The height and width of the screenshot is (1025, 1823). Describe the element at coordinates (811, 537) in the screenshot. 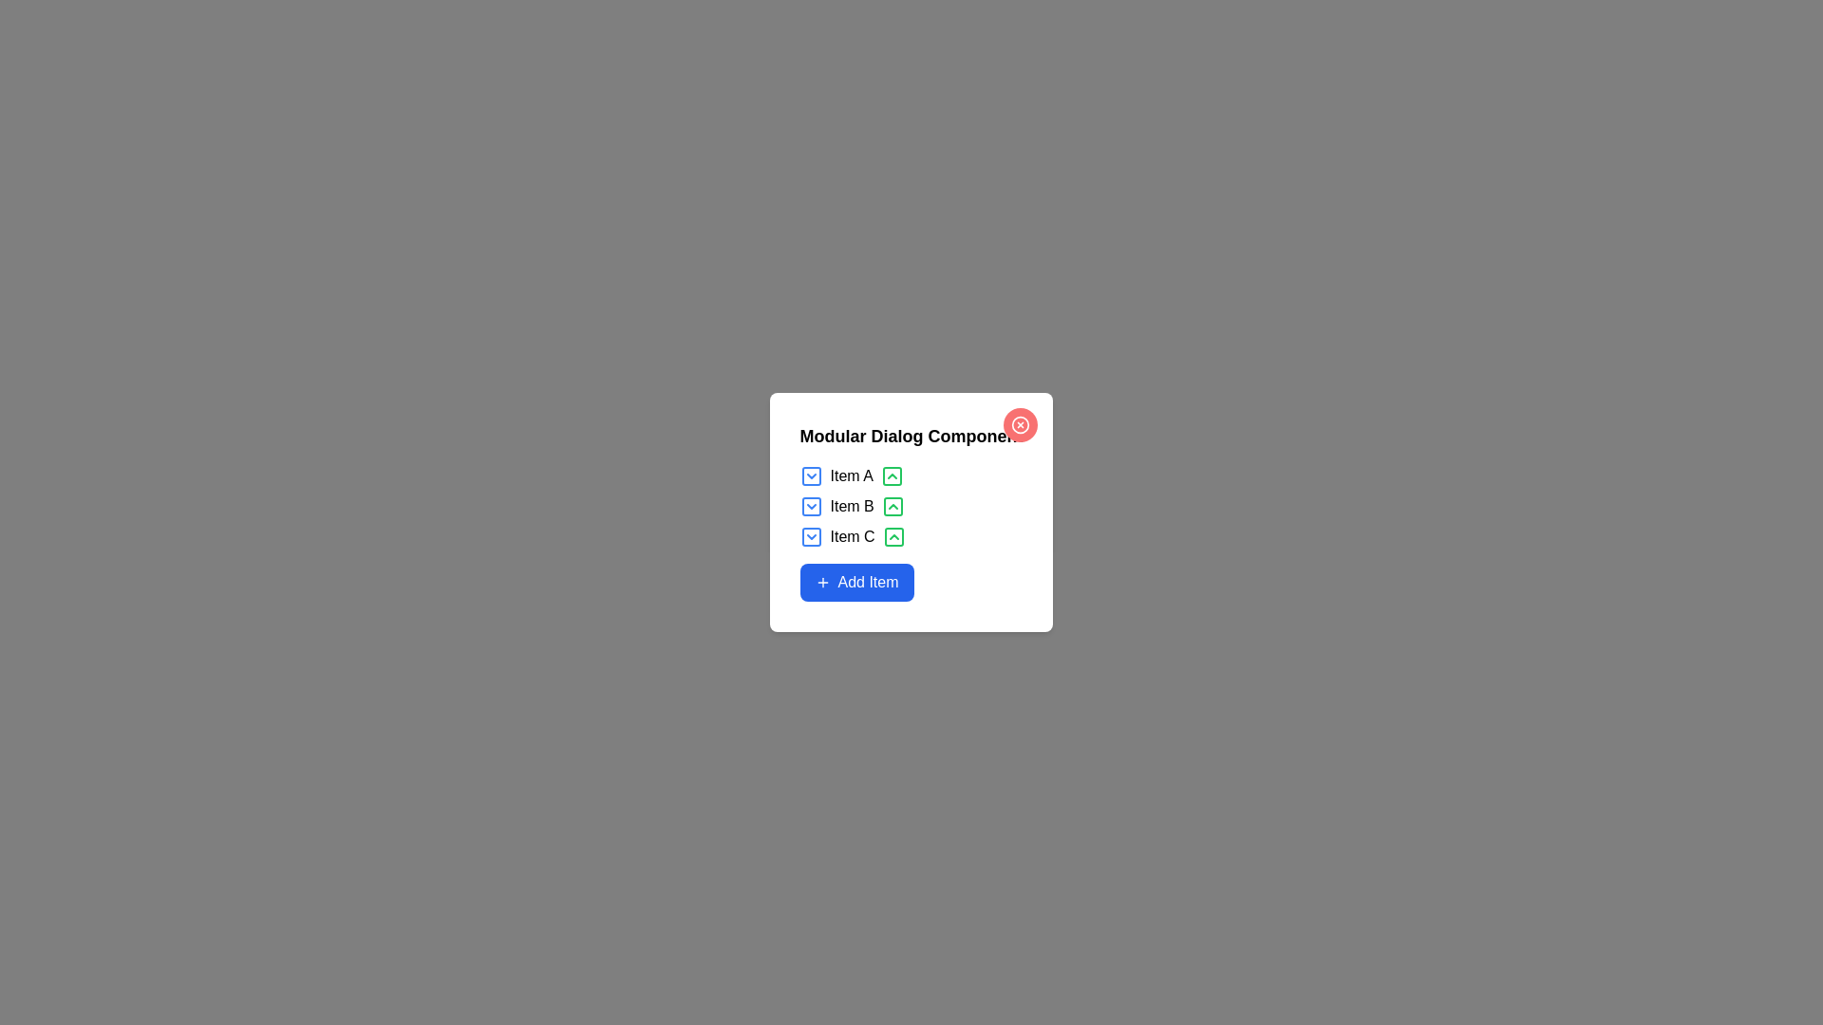

I see `down arrow of item Item C to view its details` at that location.